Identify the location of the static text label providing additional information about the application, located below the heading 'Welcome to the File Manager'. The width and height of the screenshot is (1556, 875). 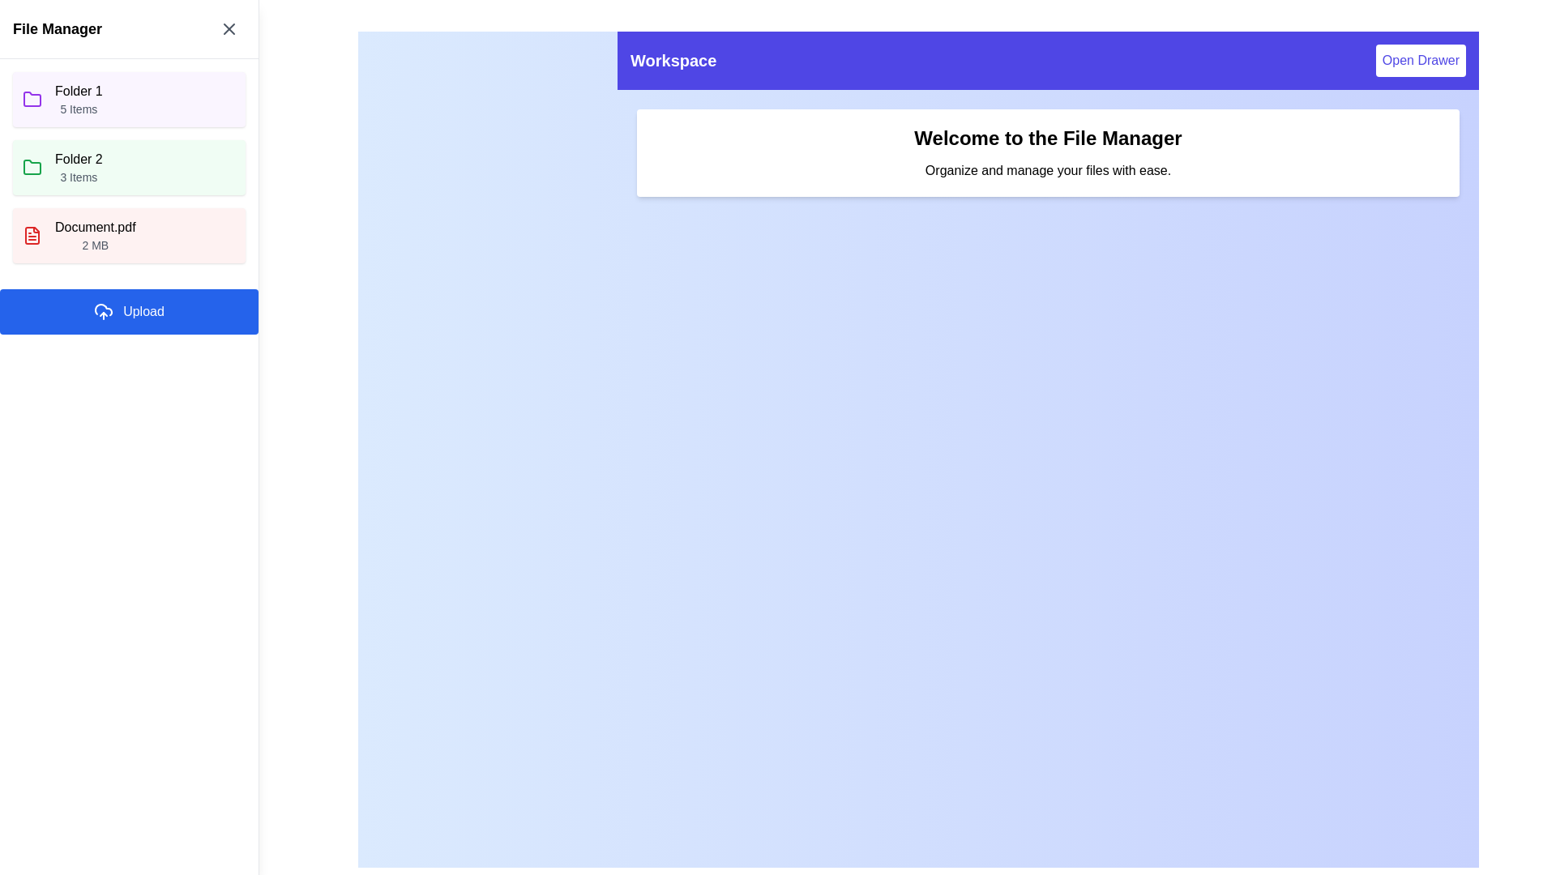
(1048, 171).